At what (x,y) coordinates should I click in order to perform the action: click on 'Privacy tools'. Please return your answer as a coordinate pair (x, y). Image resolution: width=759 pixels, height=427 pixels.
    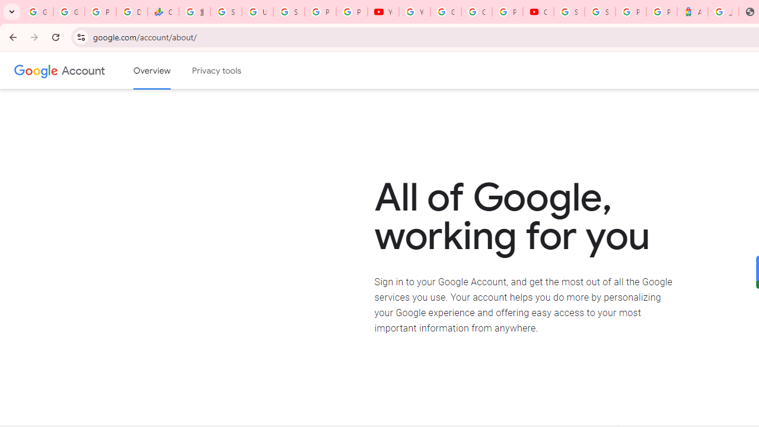
    Looking at the image, I should click on (217, 71).